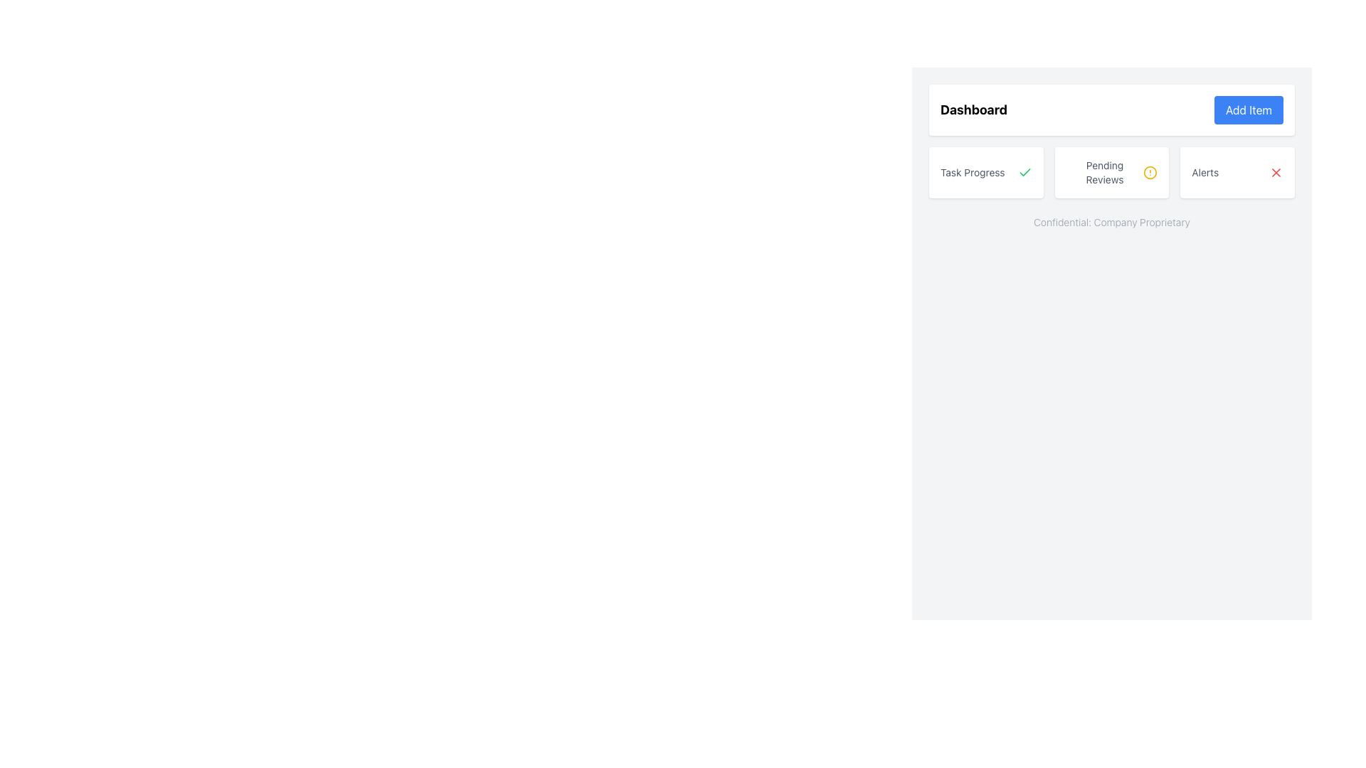 The height and width of the screenshot is (768, 1366). What do you see at coordinates (1150, 172) in the screenshot?
I see `the SVG Circle element styled with a yellow stroke, which is part of the warning icon in the 'Pending Reviews' section of the dashboard's top bar` at bounding box center [1150, 172].